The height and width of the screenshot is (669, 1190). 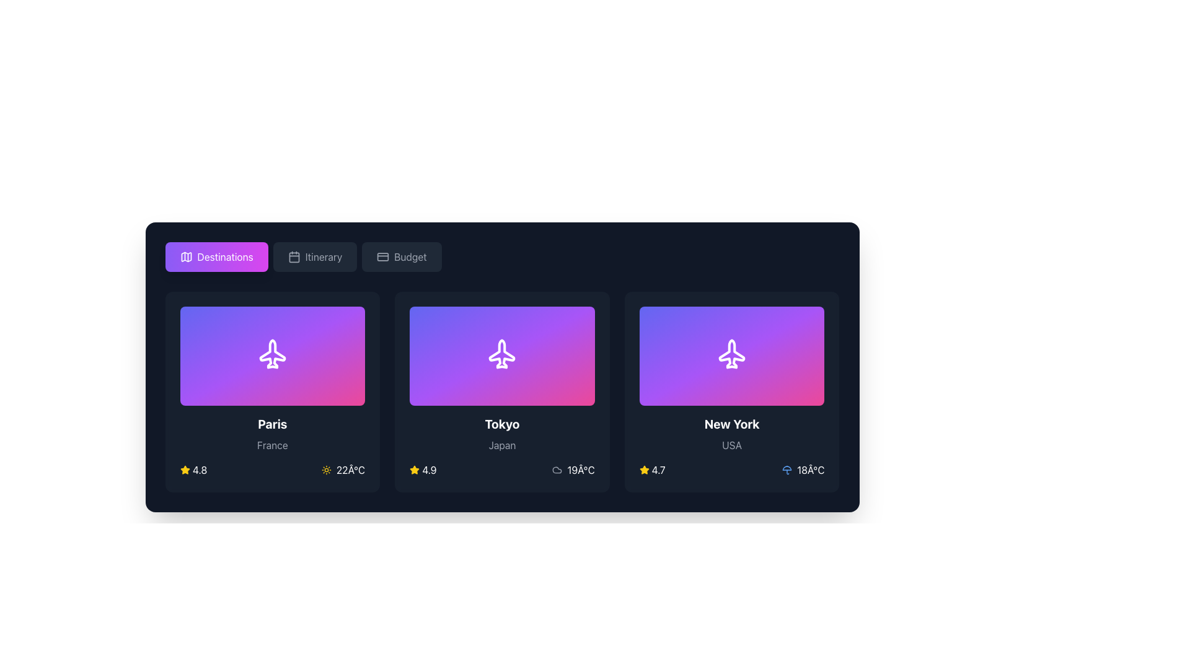 What do you see at coordinates (580, 470) in the screenshot?
I see `the text label displaying the current temperature in the bottom-right corner of the 'Tokyo' weather card, which is adjacent to the weather icon` at bounding box center [580, 470].